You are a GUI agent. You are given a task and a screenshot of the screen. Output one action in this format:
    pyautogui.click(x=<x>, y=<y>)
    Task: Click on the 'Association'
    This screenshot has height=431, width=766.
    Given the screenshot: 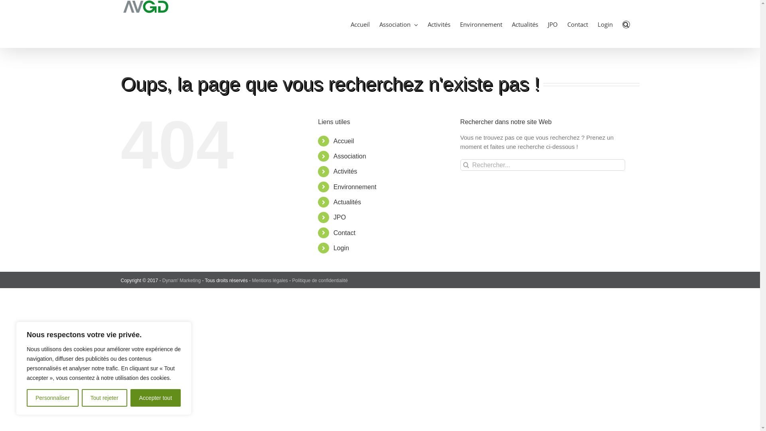 What is the action you would take?
    pyautogui.click(x=399, y=24)
    